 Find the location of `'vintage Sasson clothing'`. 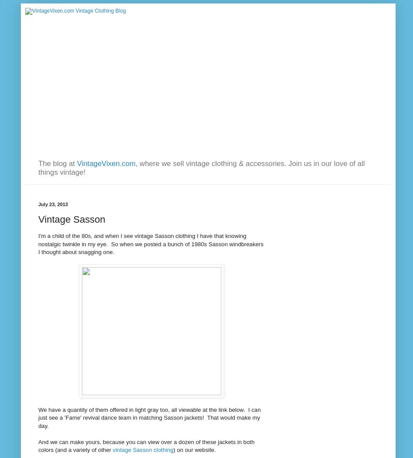

'vintage Sasson clothing' is located at coordinates (143, 449).